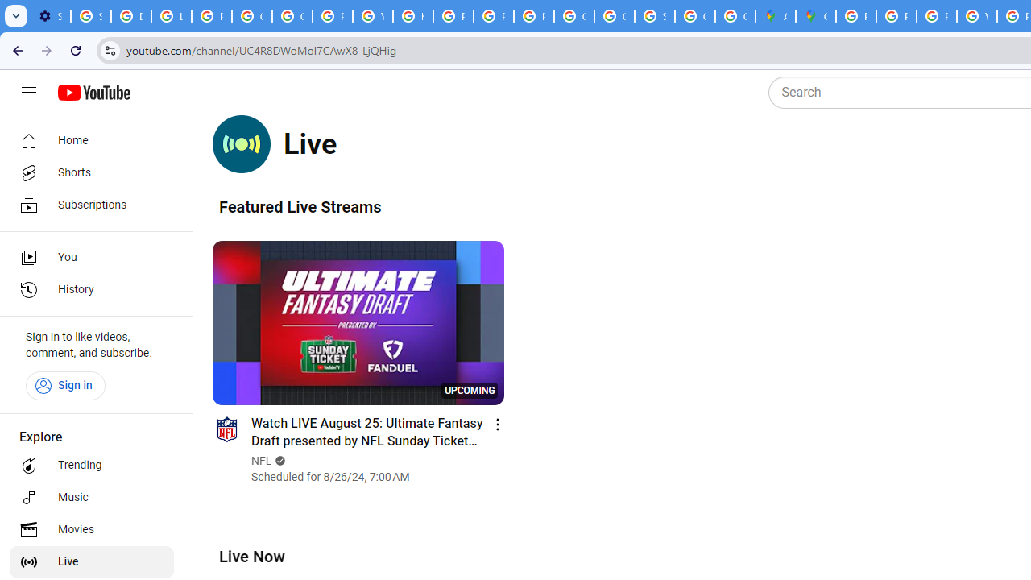 Image resolution: width=1031 pixels, height=580 pixels. I want to click on 'YouTube', so click(975, 16).